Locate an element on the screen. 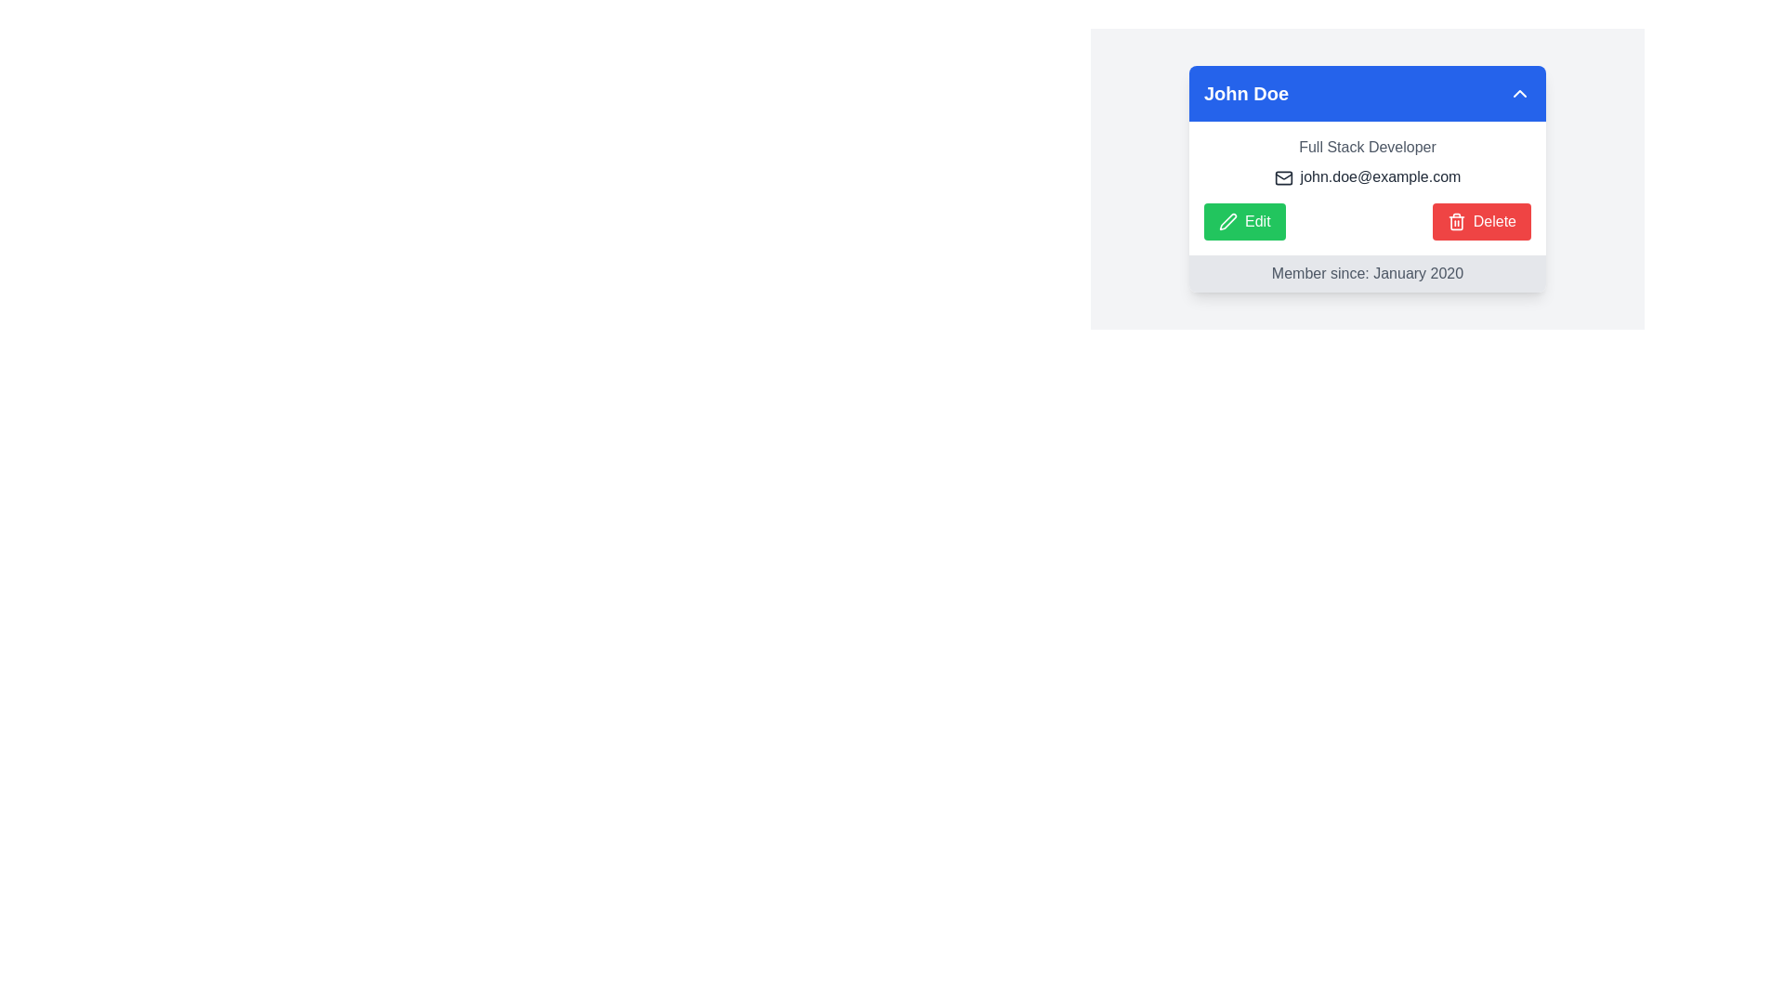 This screenshot has height=1003, width=1784. the pen icon that is prominently positioned on the green 'Edit' button located on the left side of the two buttons below the profile information in the card layout is located at coordinates (1227, 220).